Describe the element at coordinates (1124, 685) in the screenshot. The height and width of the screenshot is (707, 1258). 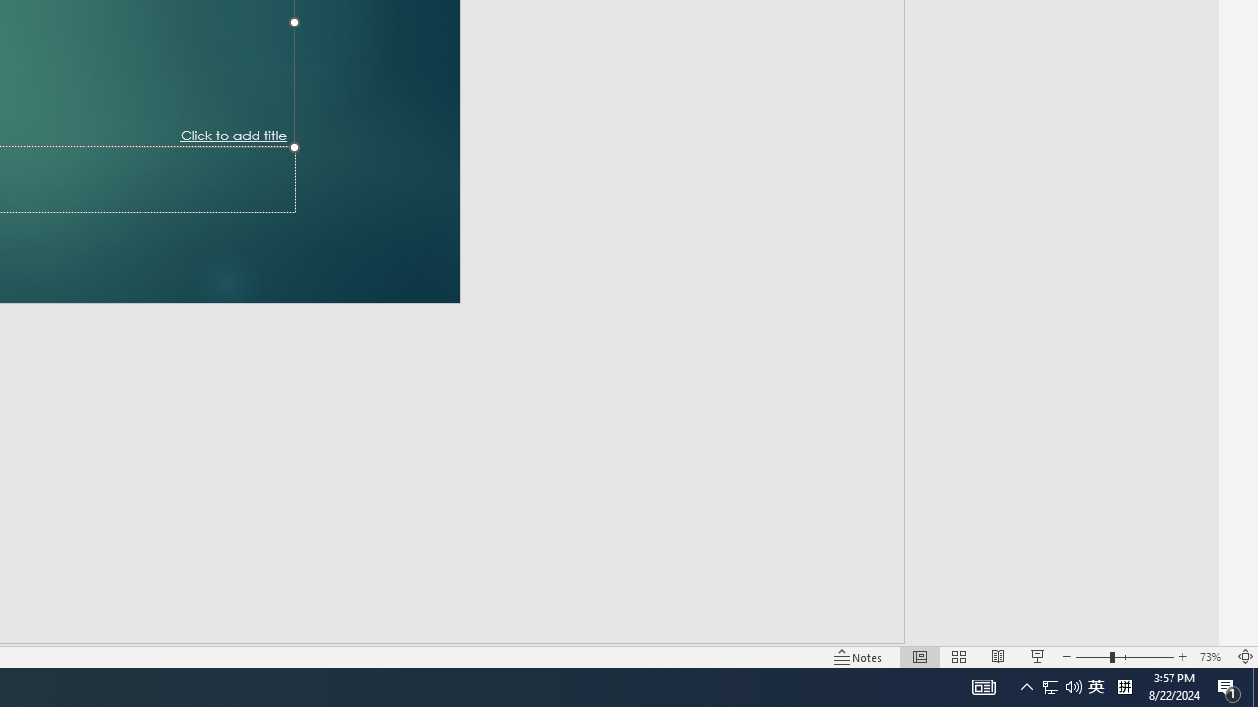
I see `'Tray Input Indicator - Chinese (Simplified, China)'` at that location.